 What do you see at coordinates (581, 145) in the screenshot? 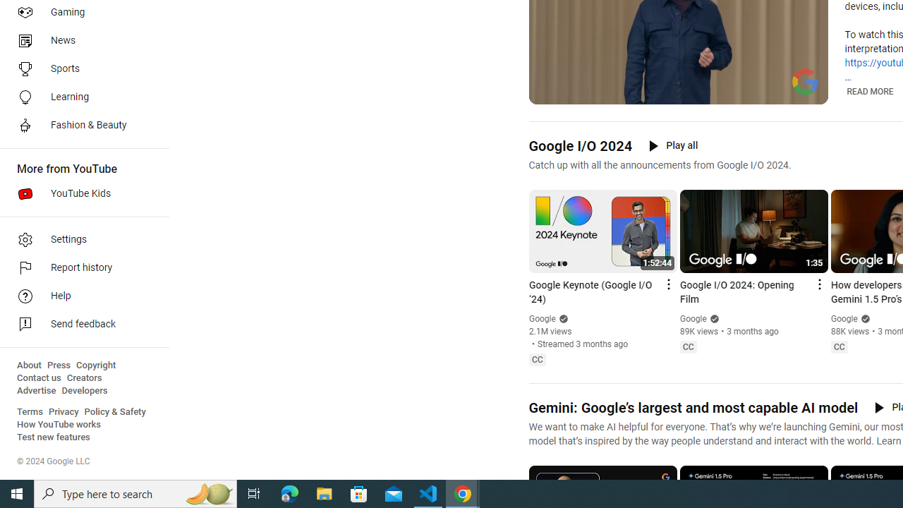
I see `'Google I/O 2024'` at bounding box center [581, 145].